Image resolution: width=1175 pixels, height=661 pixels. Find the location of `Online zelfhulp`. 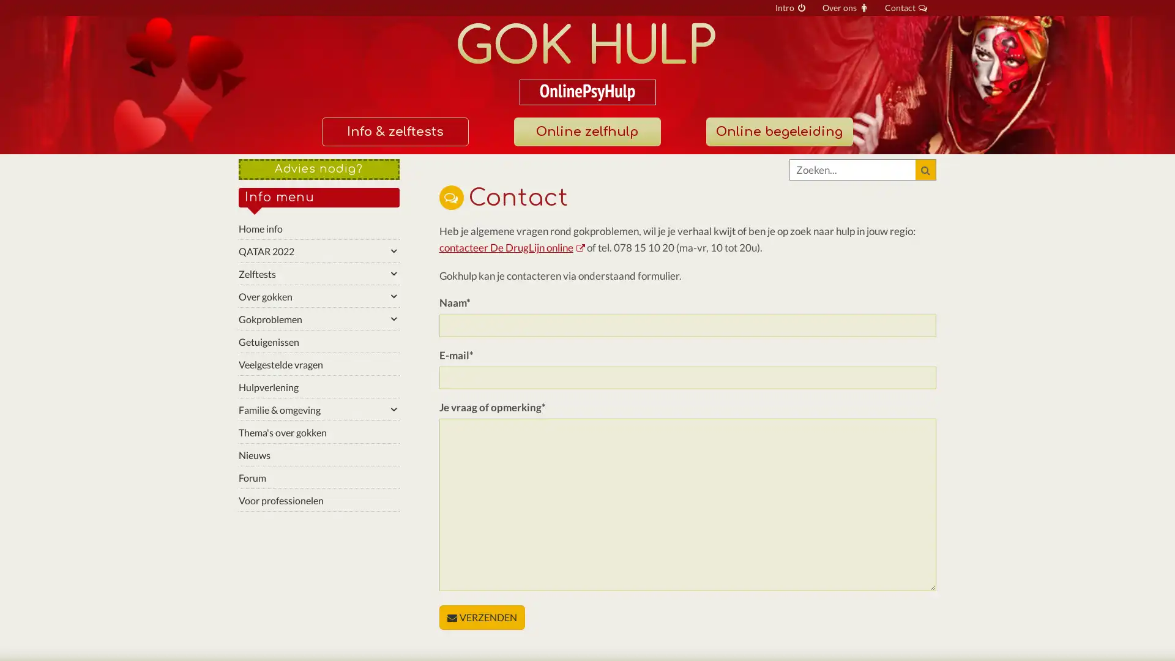

Online zelfhulp is located at coordinates (586, 132).